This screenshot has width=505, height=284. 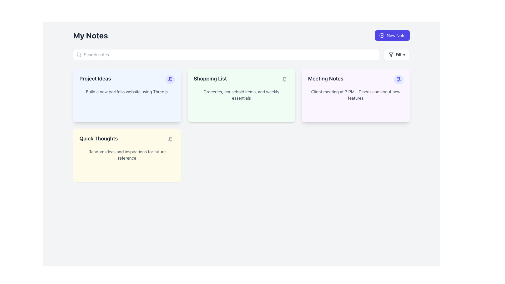 What do you see at coordinates (399, 80) in the screenshot?
I see `the interactive button with pin icon located at the top-right corner of the 'Meeting Notes' card` at bounding box center [399, 80].